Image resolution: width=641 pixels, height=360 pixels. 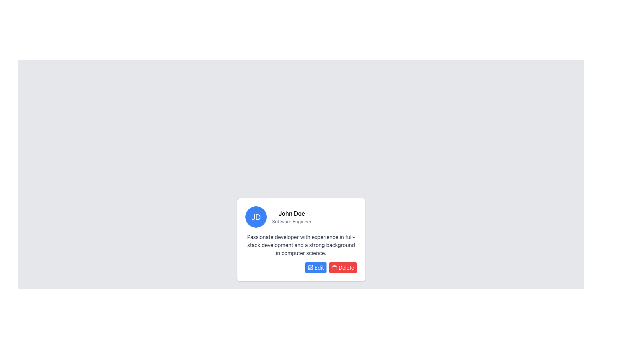 I want to click on the white pen icon within the 'Edit' button, which has a blue background and white text, positioned on the left side of the button, so click(x=310, y=267).